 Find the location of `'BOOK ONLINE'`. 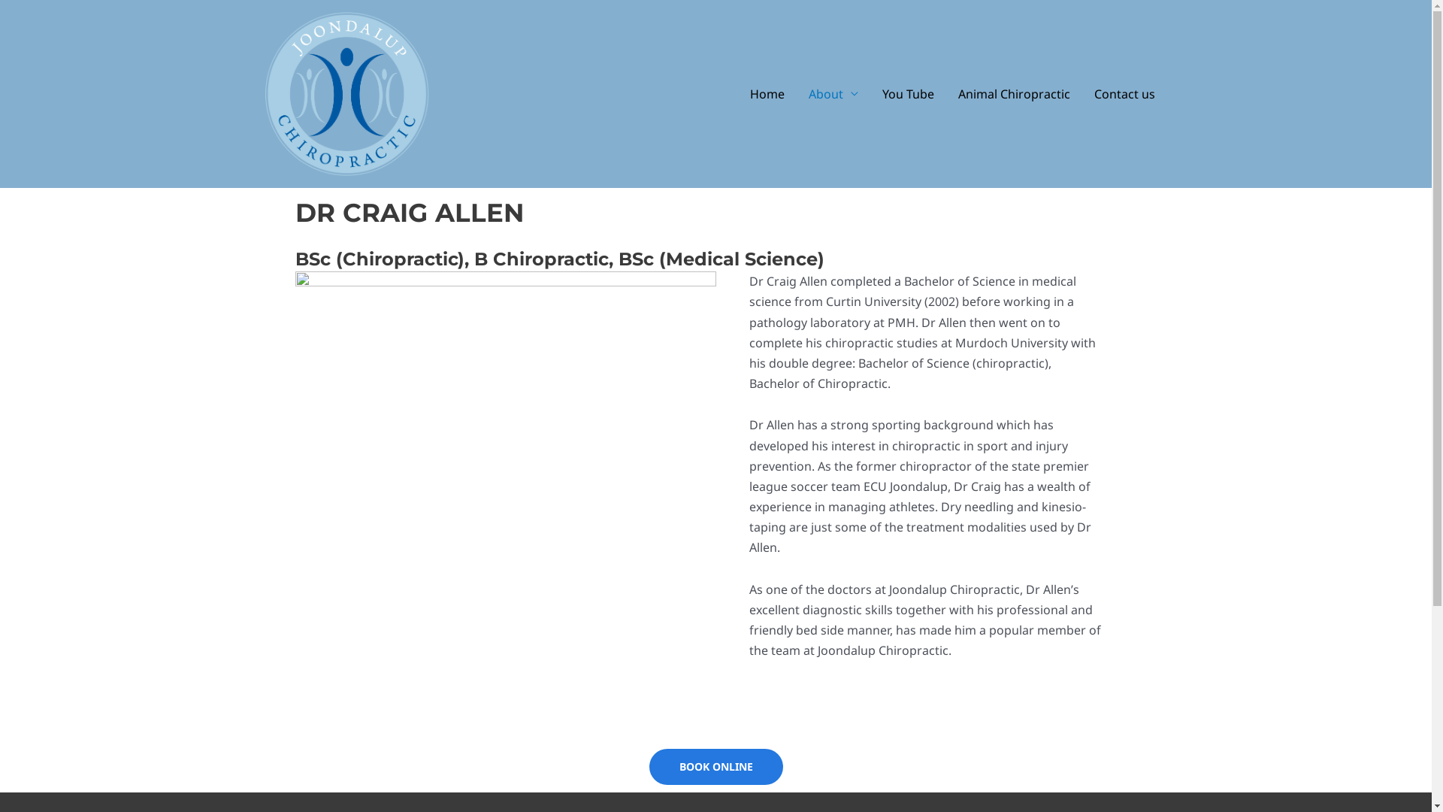

'BOOK ONLINE' is located at coordinates (715, 766).